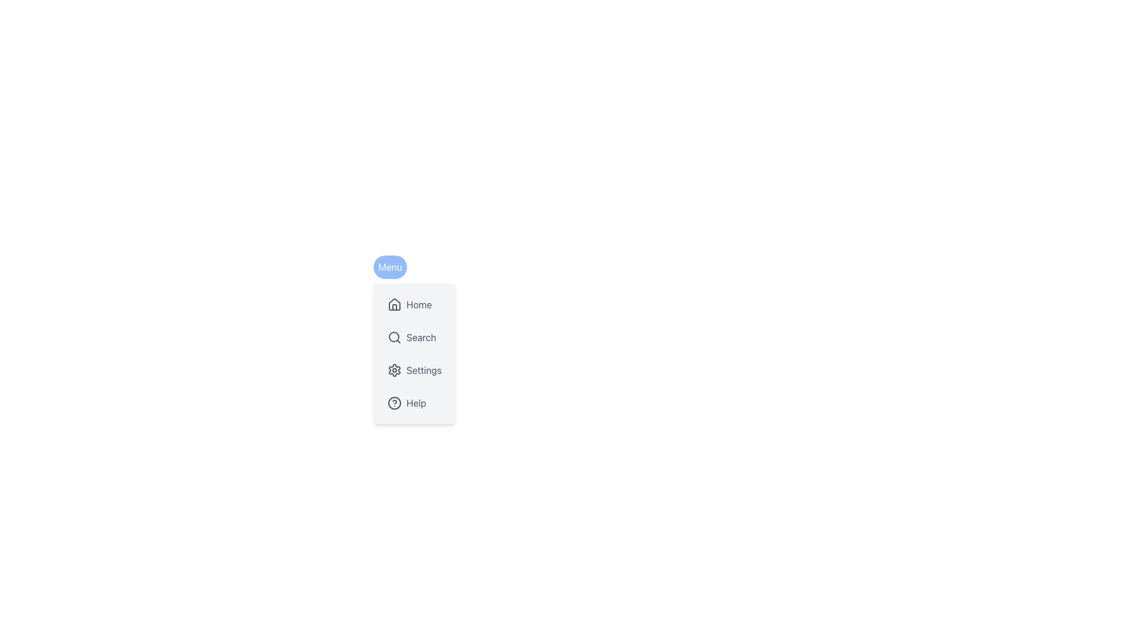  Describe the element at coordinates (395, 370) in the screenshot. I see `the gear-shaped 'Settings' icon located in the third menu row of the vertical navigation menu` at that location.